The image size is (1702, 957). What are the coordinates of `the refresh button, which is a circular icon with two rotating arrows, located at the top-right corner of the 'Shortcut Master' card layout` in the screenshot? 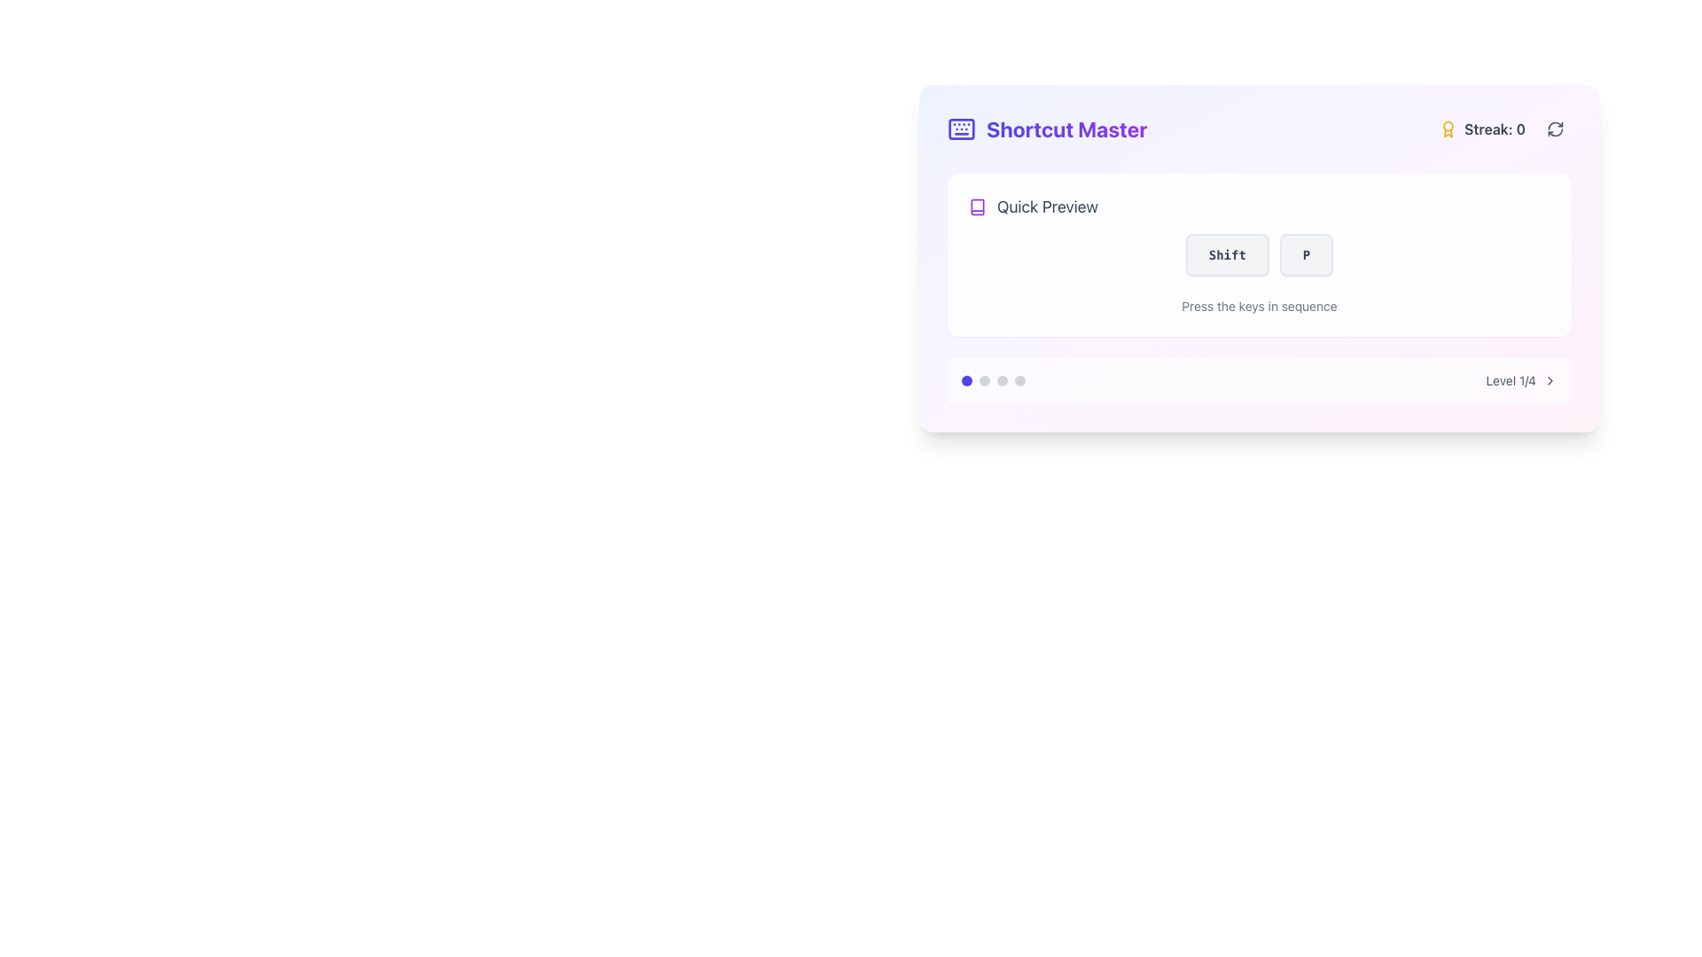 It's located at (1555, 128).